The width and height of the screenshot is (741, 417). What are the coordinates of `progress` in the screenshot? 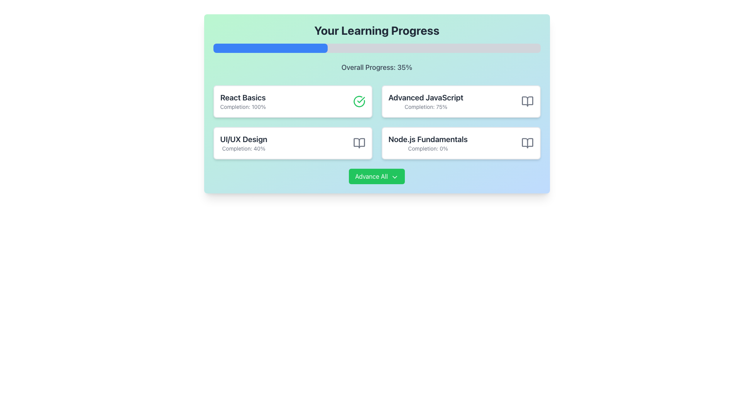 It's located at (340, 48).